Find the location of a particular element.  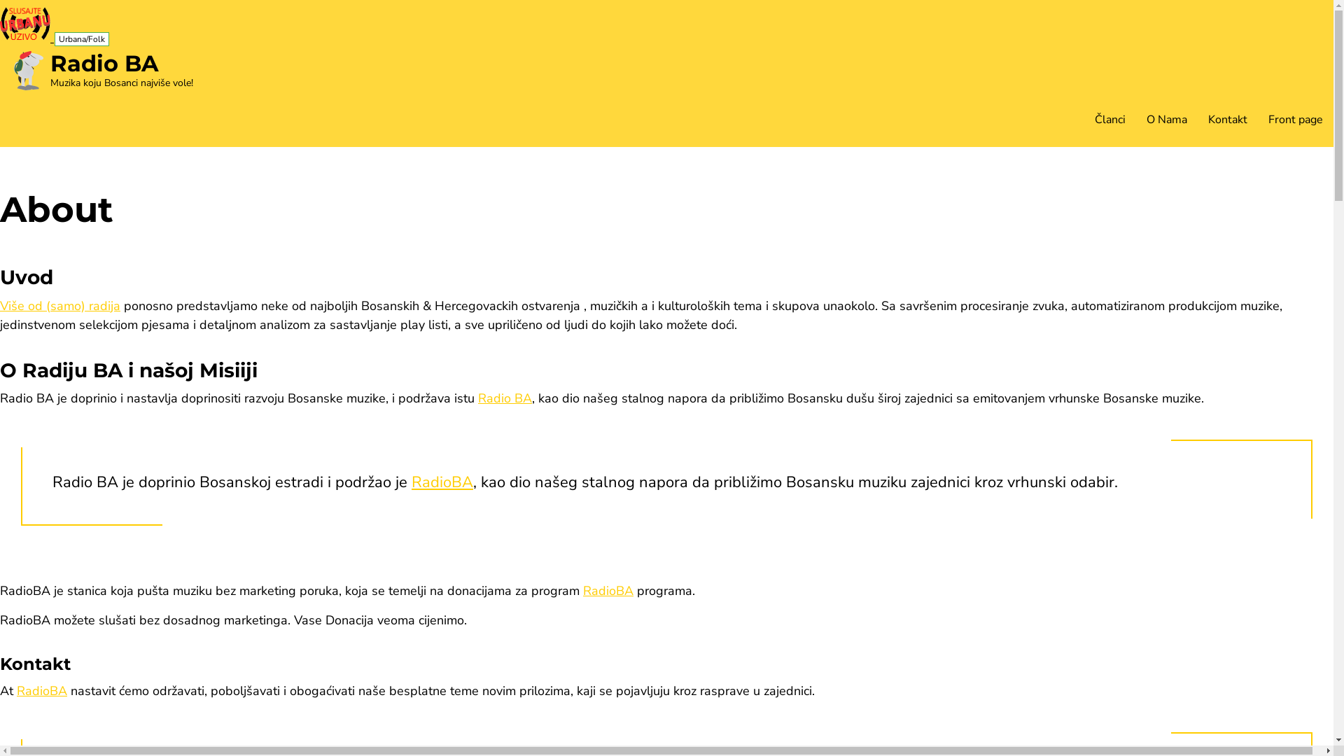

'Radio BA' is located at coordinates (504, 398).